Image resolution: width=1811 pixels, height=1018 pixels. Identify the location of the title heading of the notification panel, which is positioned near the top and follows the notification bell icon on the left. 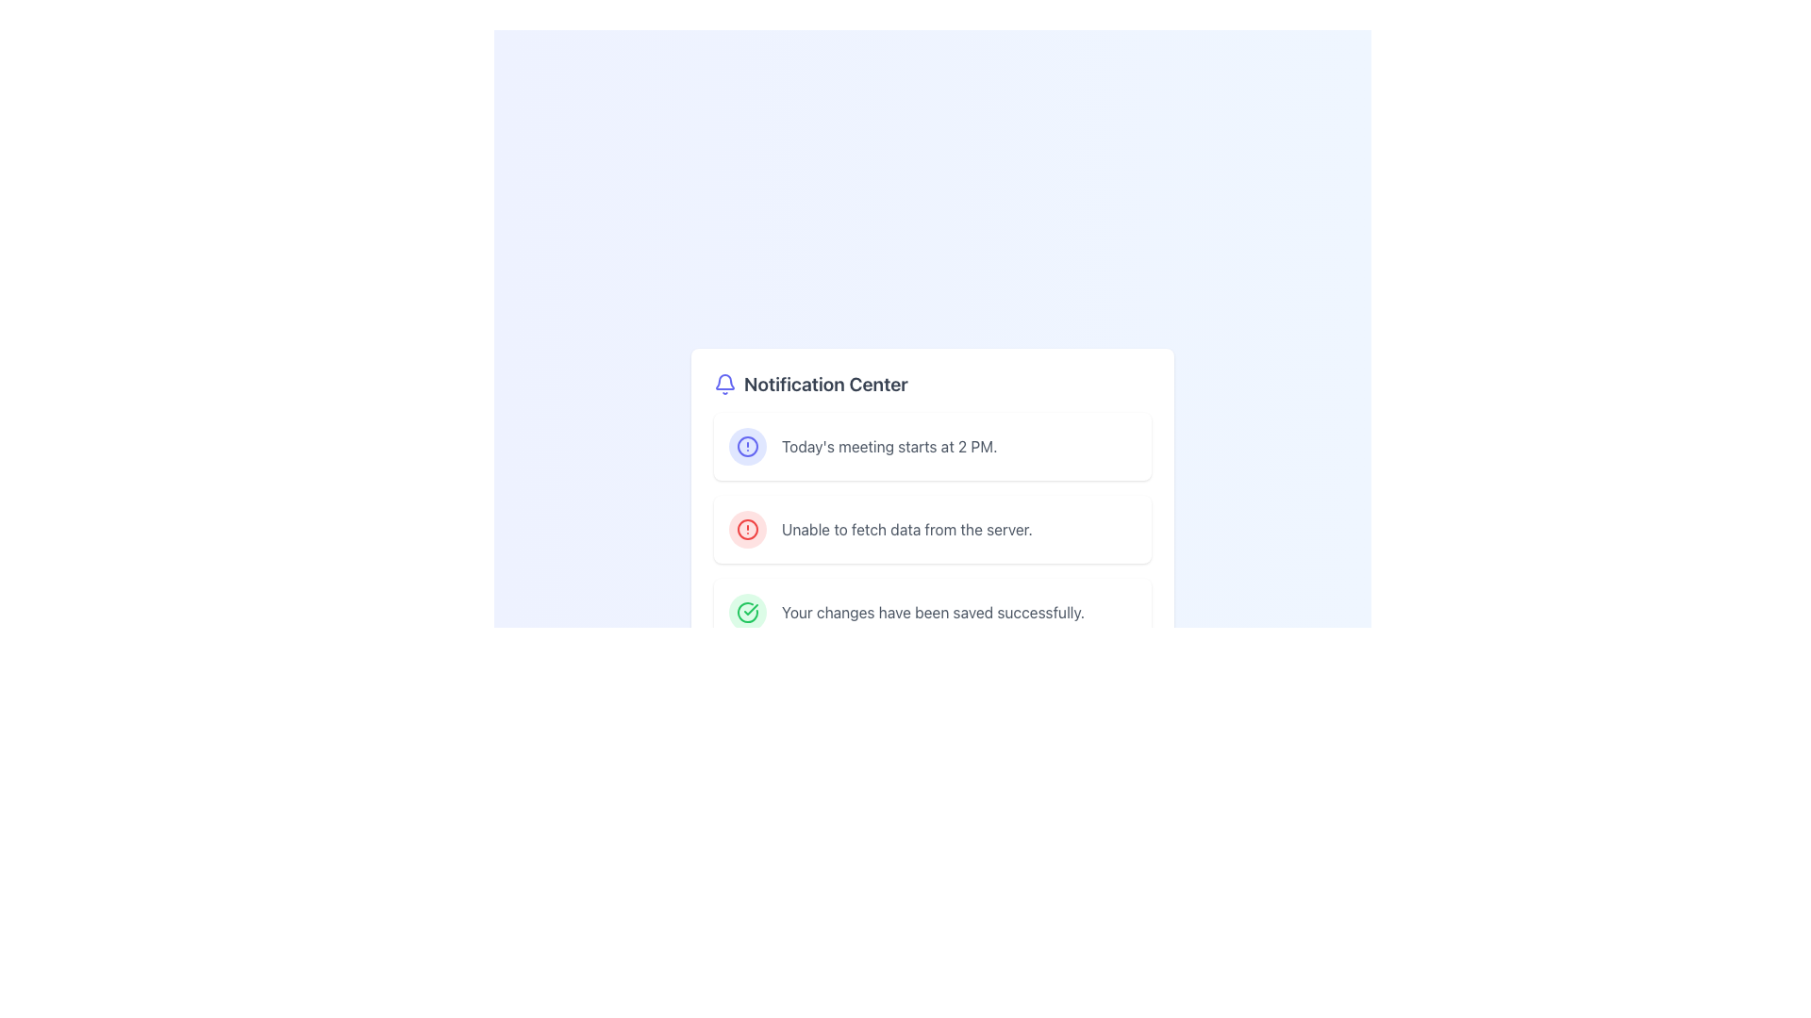
(825, 384).